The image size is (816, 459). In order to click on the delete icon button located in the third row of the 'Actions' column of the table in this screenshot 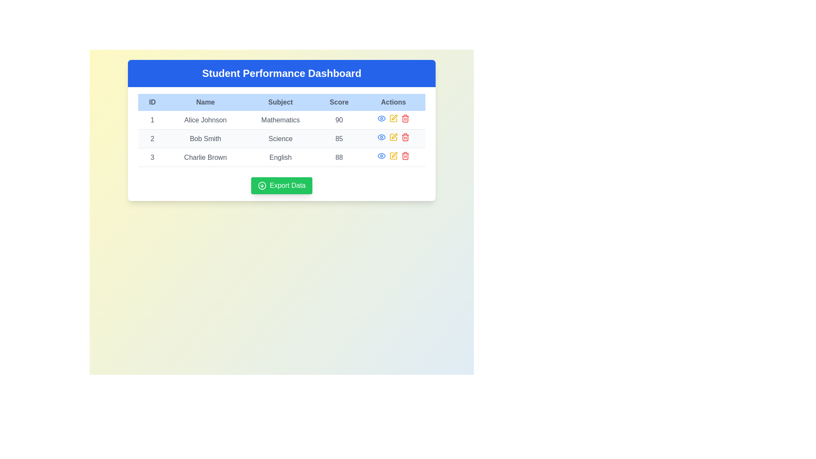, I will do `click(405, 118)`.